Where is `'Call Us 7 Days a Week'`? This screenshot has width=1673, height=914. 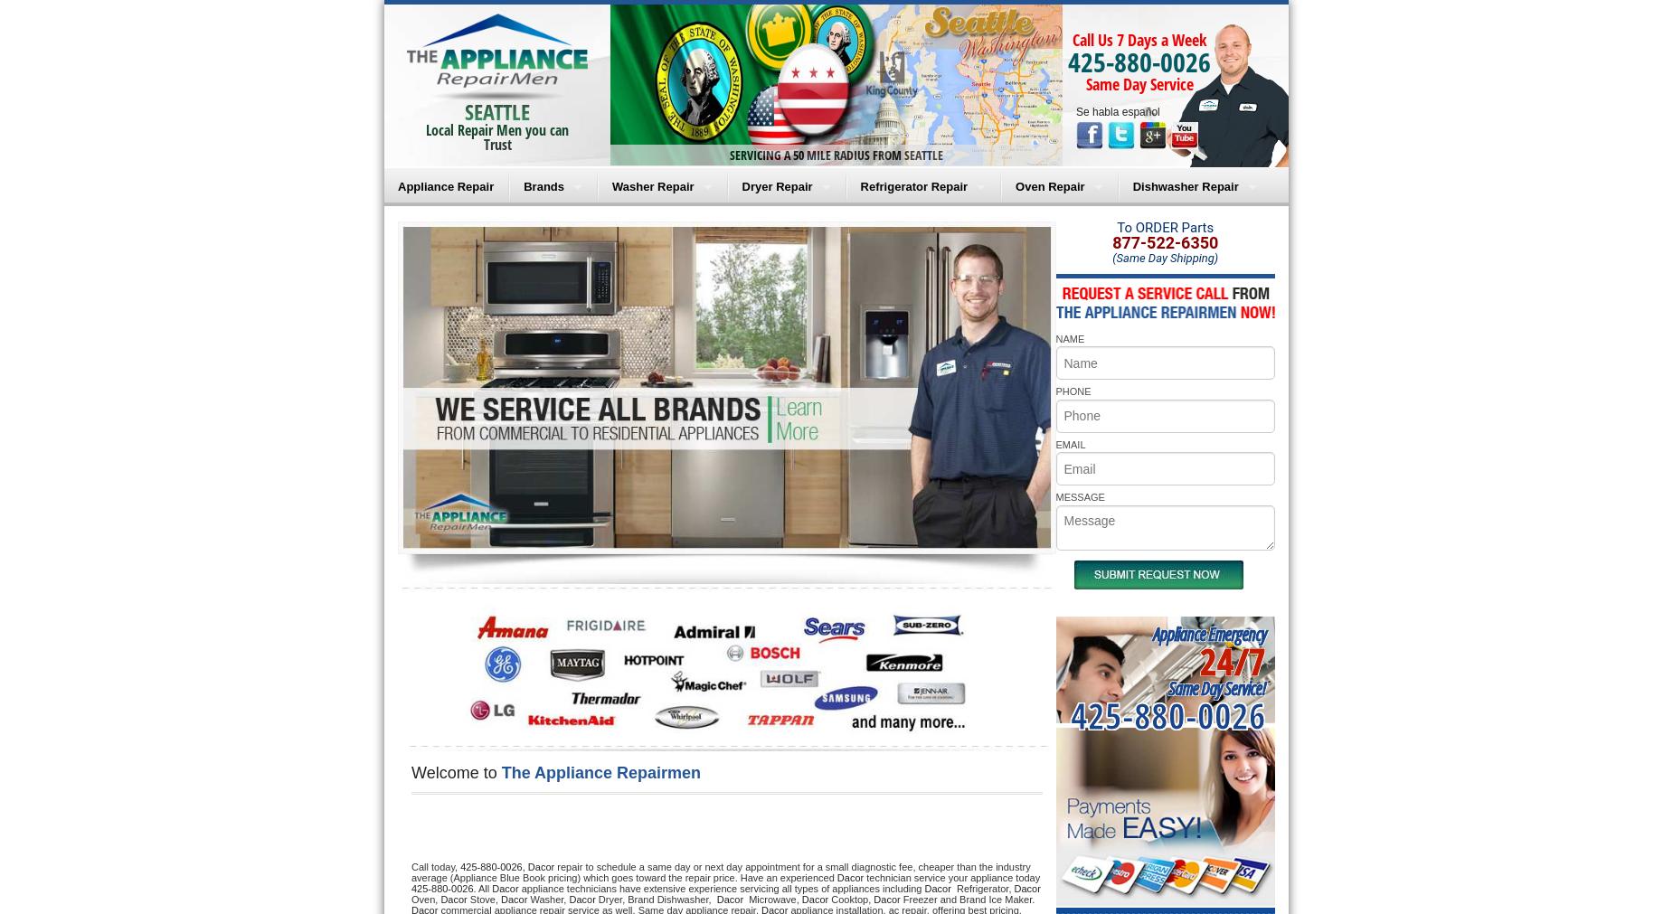
'Call Us 7 Days a Week' is located at coordinates (1139, 38).